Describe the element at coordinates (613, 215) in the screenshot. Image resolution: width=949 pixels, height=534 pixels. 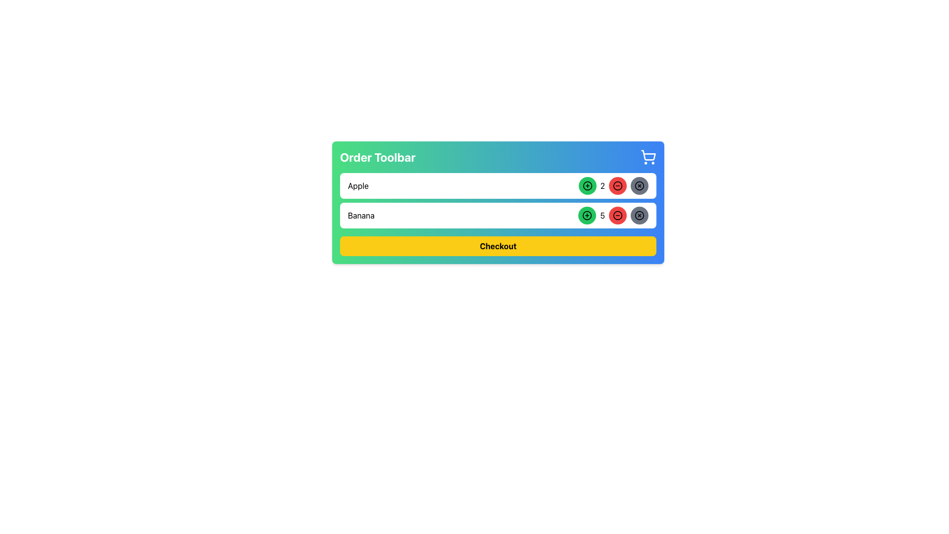
I see `the red circular button with a minus symbol, which is the second button in the row associated with the 'Banana' item, located to the right of the green button and to the left of the gray button, aligned with the quantity text '5'` at that location.